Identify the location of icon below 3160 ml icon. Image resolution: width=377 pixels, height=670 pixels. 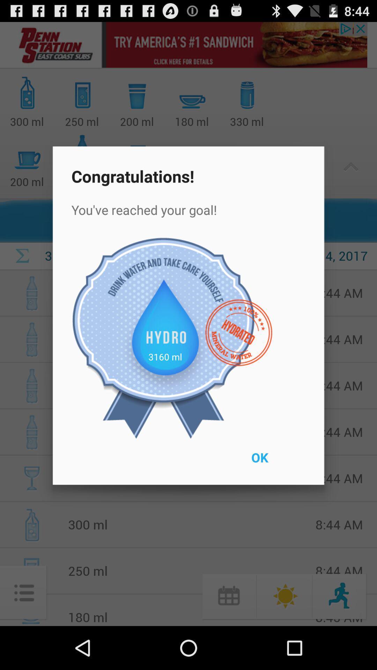
(275, 462).